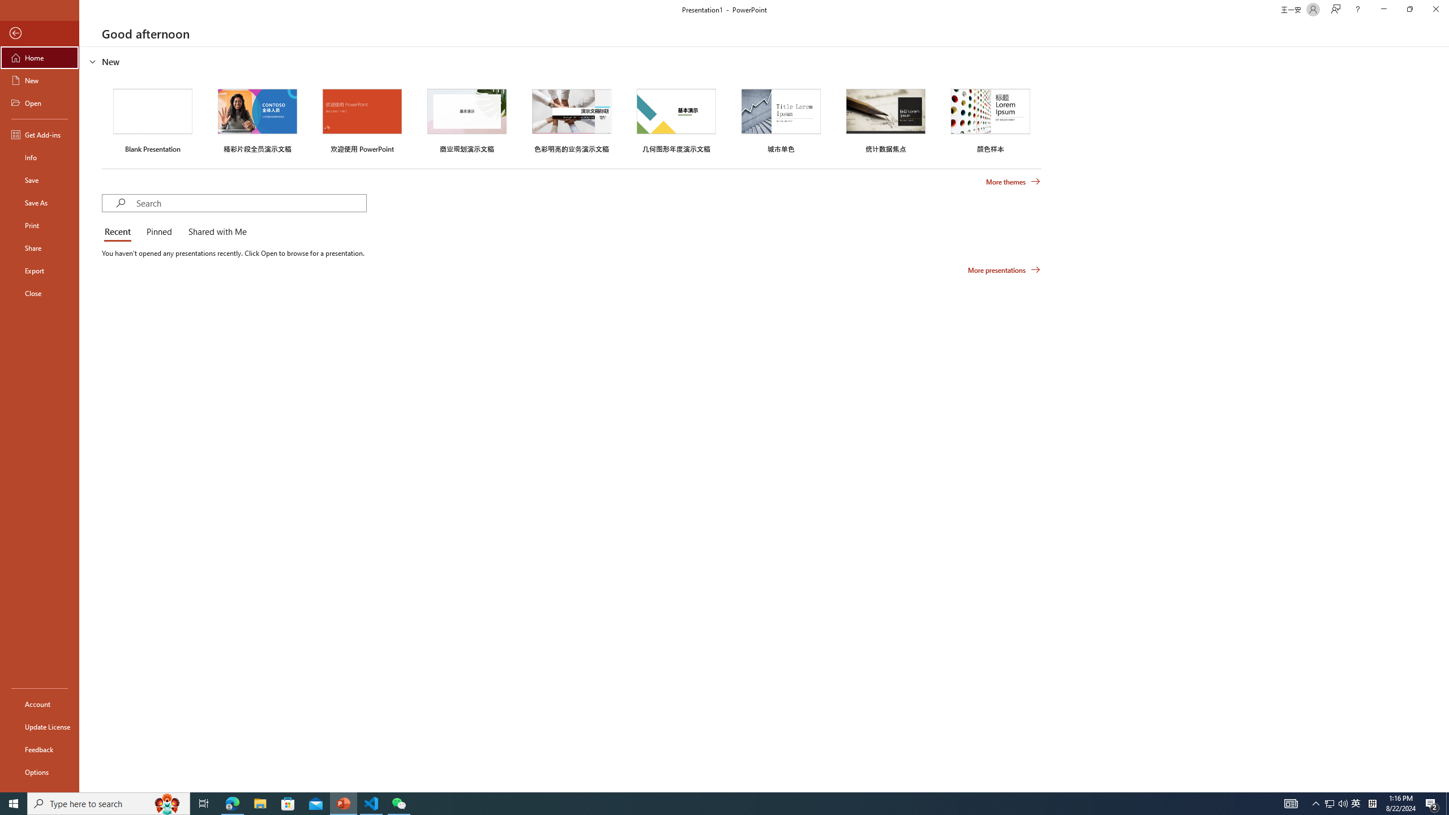 This screenshot has width=1449, height=815. Describe the element at coordinates (1013, 182) in the screenshot. I see `'More themes'` at that location.